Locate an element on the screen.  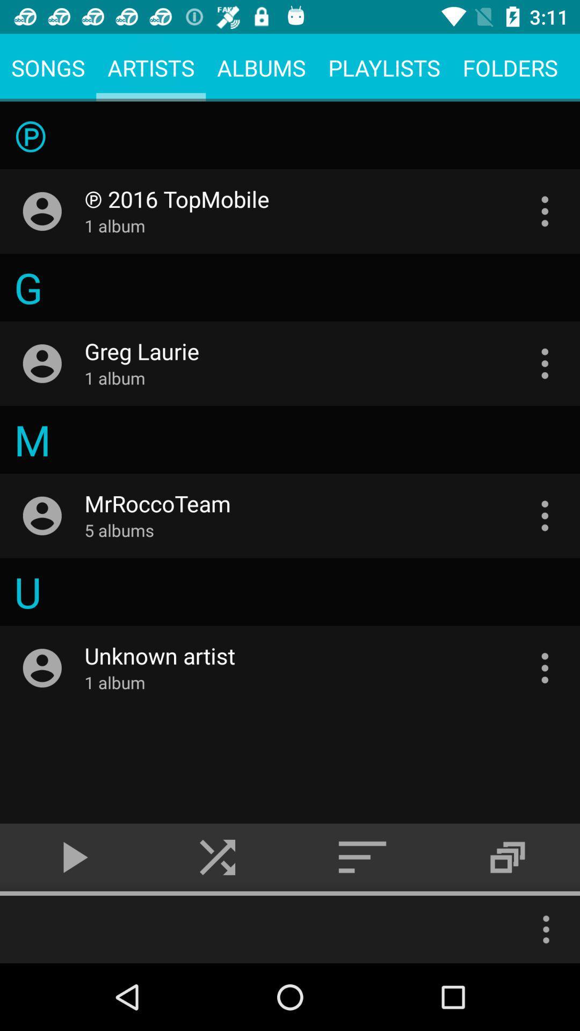
the play icon is located at coordinates (73, 856).